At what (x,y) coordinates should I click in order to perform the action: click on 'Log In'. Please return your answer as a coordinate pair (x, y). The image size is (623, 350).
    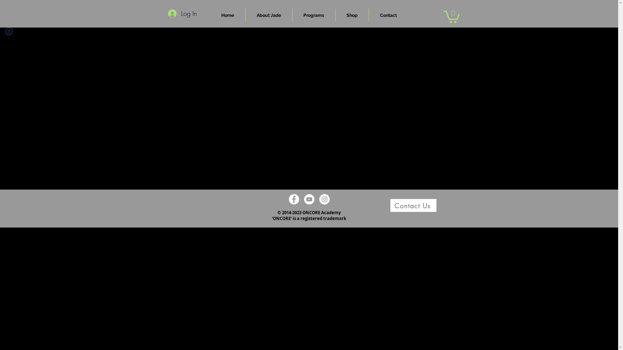
    Looking at the image, I should click on (164, 14).